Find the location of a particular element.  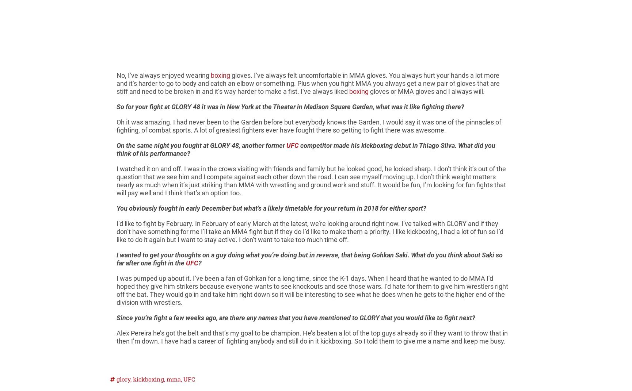

'I’d like to fight by February. In February of early March at the latest, we’re looking around right now. I’ve talked with GLORY and if they don’t have something for me I’ll take an MMA fight but if they do I’d like to make them a priority. I like kickboxing, I had a lot of fun so I’d like to do it again but I want to stay active. I don’t want to take too much time off.' is located at coordinates (309, 231).